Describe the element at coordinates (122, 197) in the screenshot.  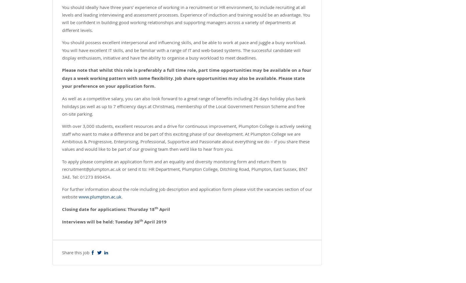
I see `'.'` at that location.